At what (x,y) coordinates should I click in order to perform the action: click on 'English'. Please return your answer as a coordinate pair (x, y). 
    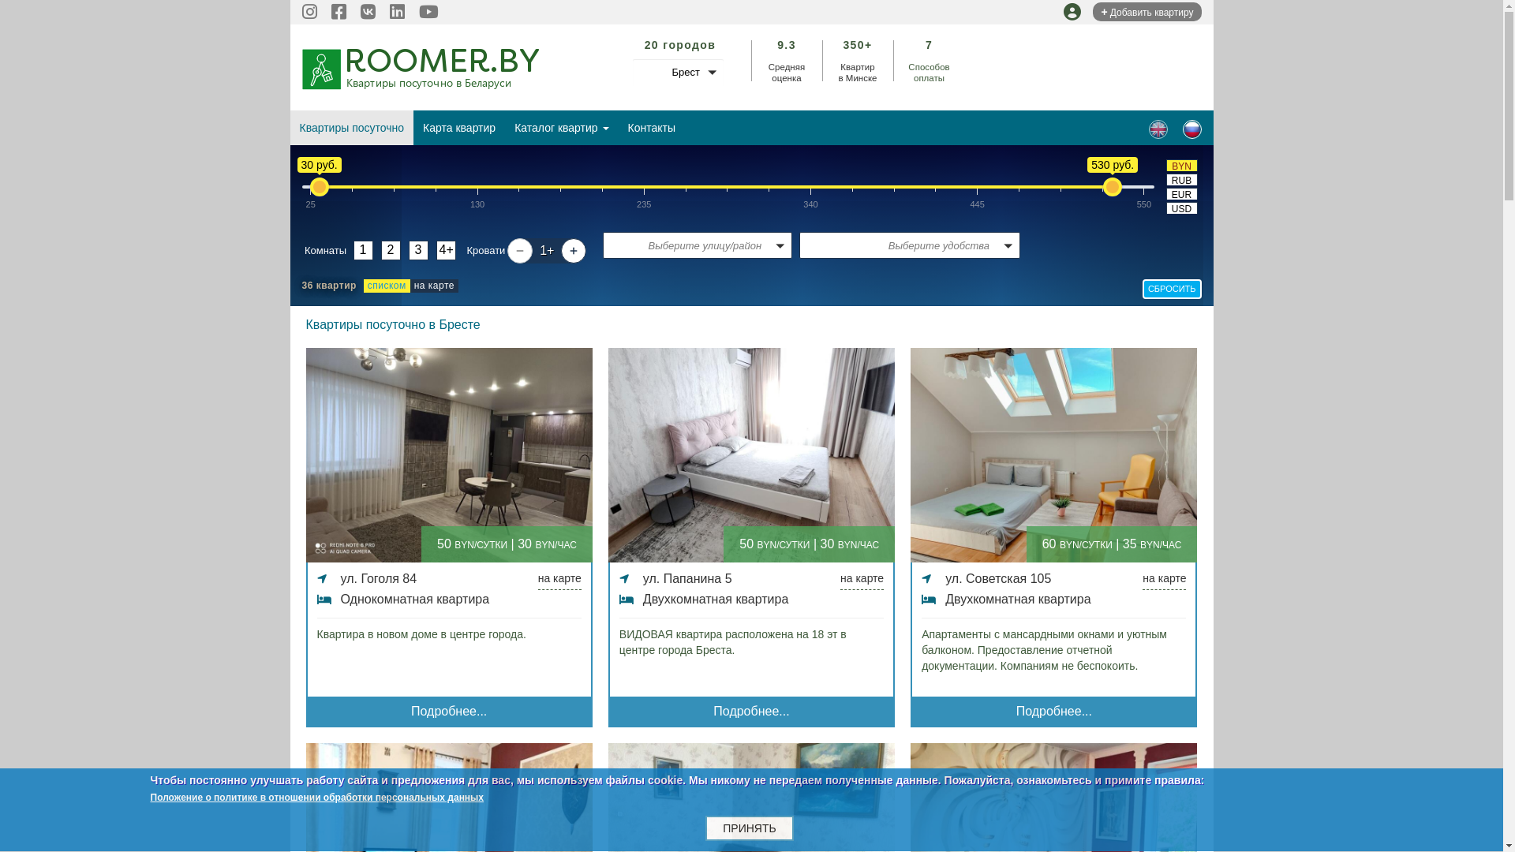
    Looking at the image, I should click on (1158, 129).